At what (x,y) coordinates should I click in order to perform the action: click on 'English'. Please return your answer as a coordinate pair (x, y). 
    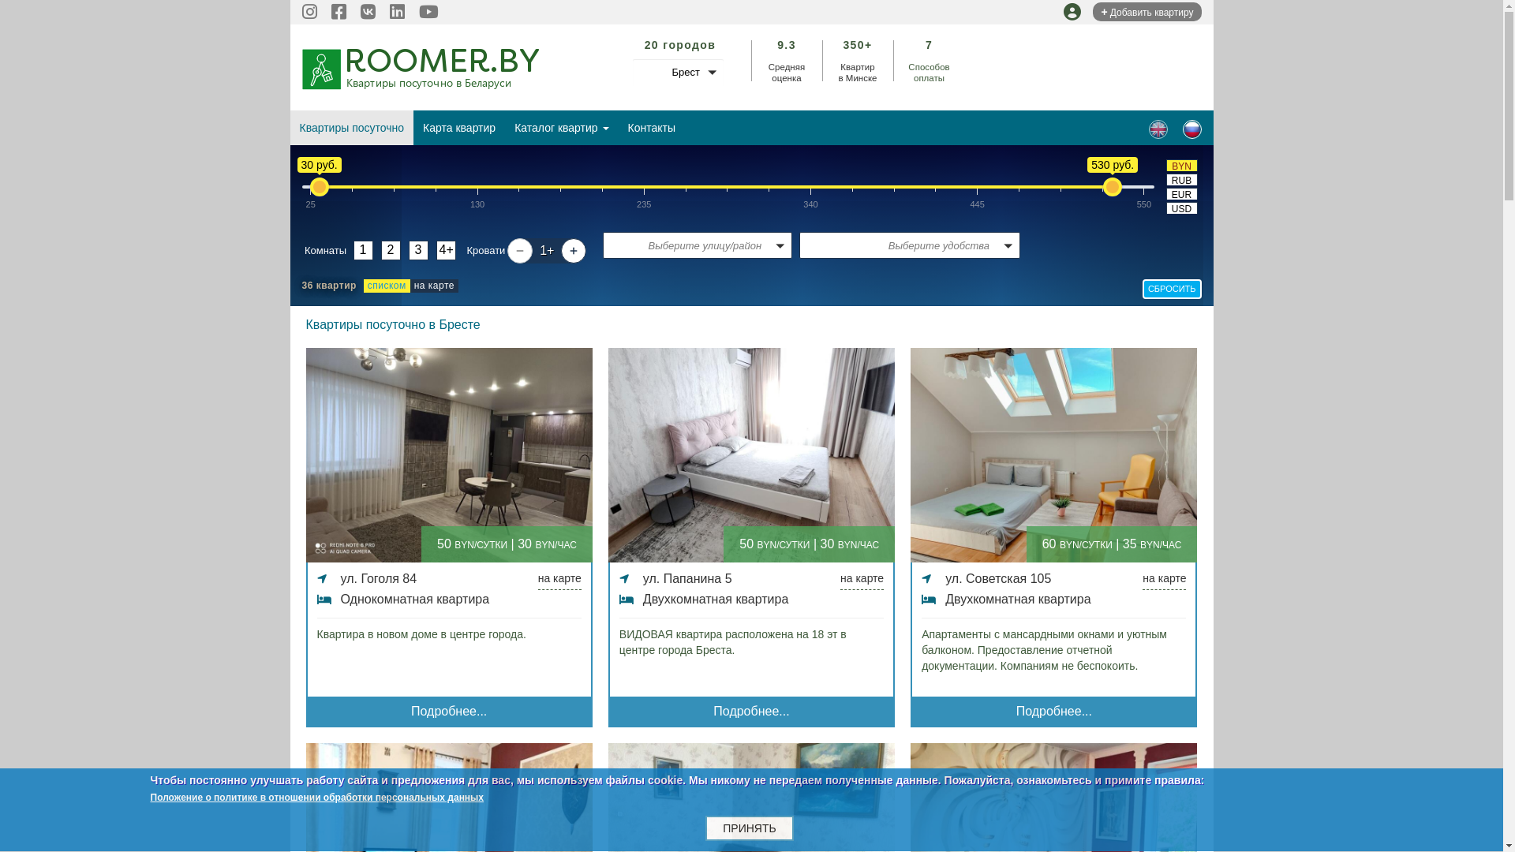
    Looking at the image, I should click on (1158, 129).